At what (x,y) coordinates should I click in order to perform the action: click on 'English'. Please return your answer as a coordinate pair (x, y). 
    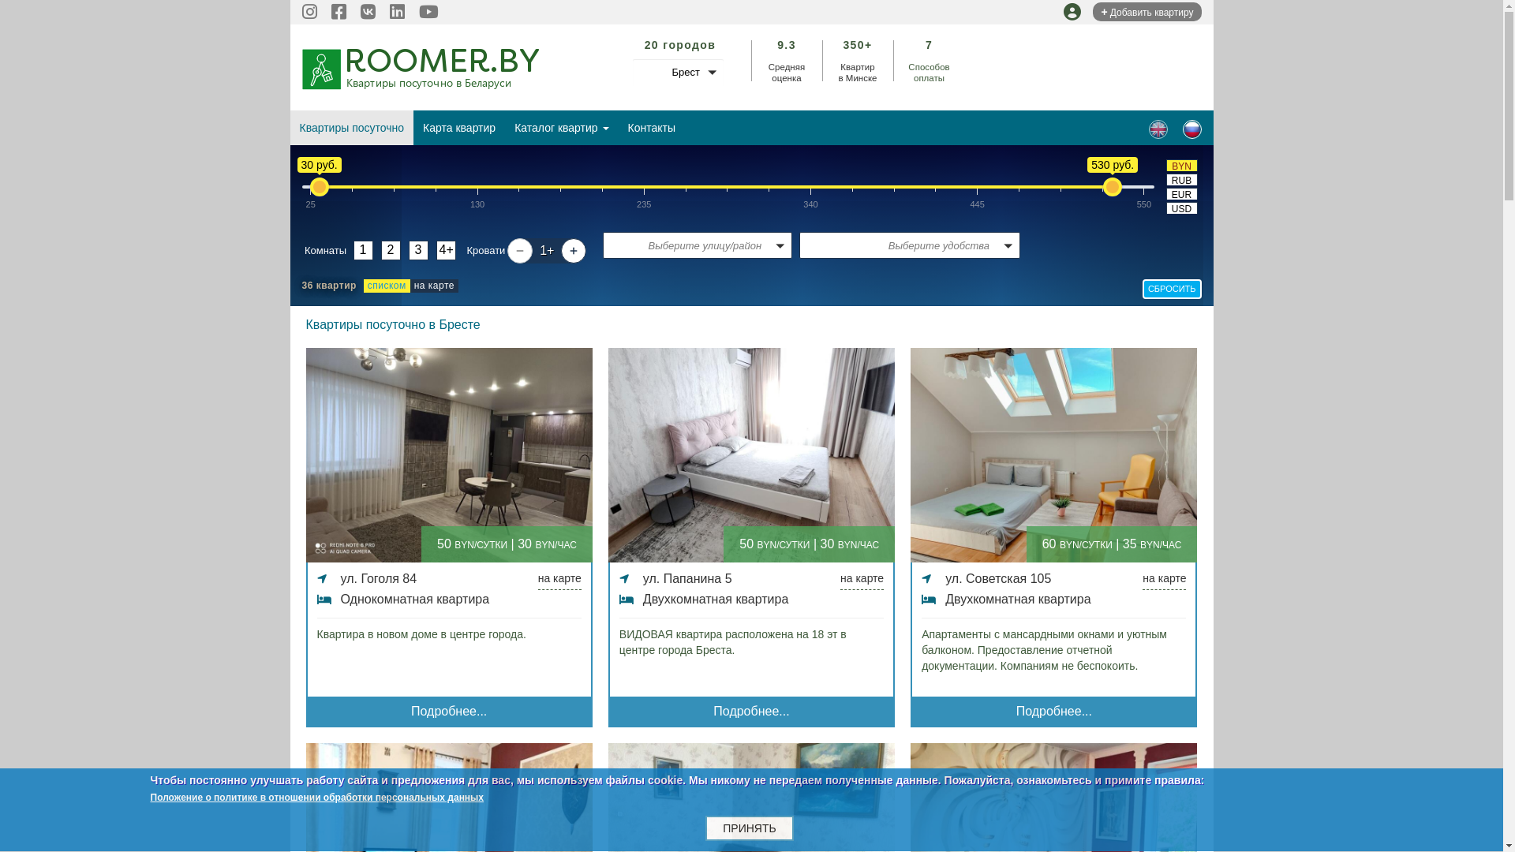
    Looking at the image, I should click on (1158, 129).